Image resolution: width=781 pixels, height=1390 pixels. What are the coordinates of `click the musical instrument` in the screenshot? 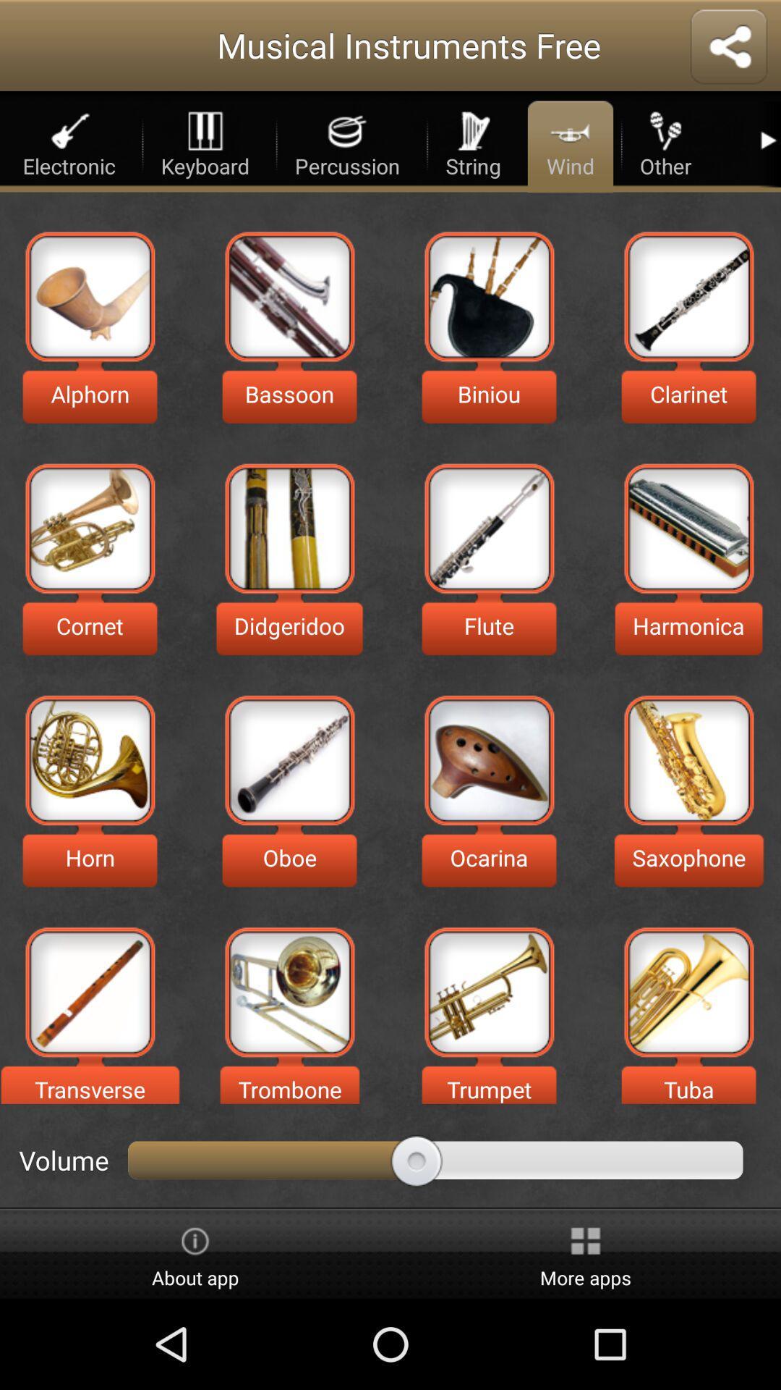 It's located at (688, 295).